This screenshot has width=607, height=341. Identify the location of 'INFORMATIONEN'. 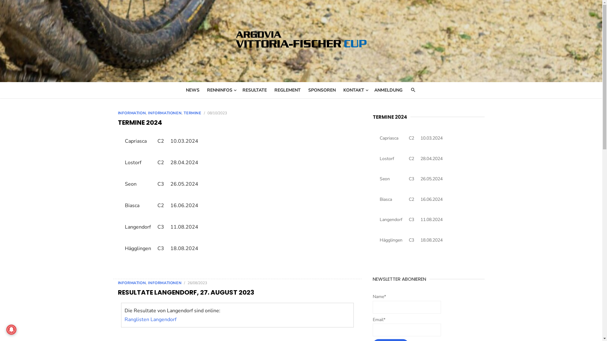
(165, 113).